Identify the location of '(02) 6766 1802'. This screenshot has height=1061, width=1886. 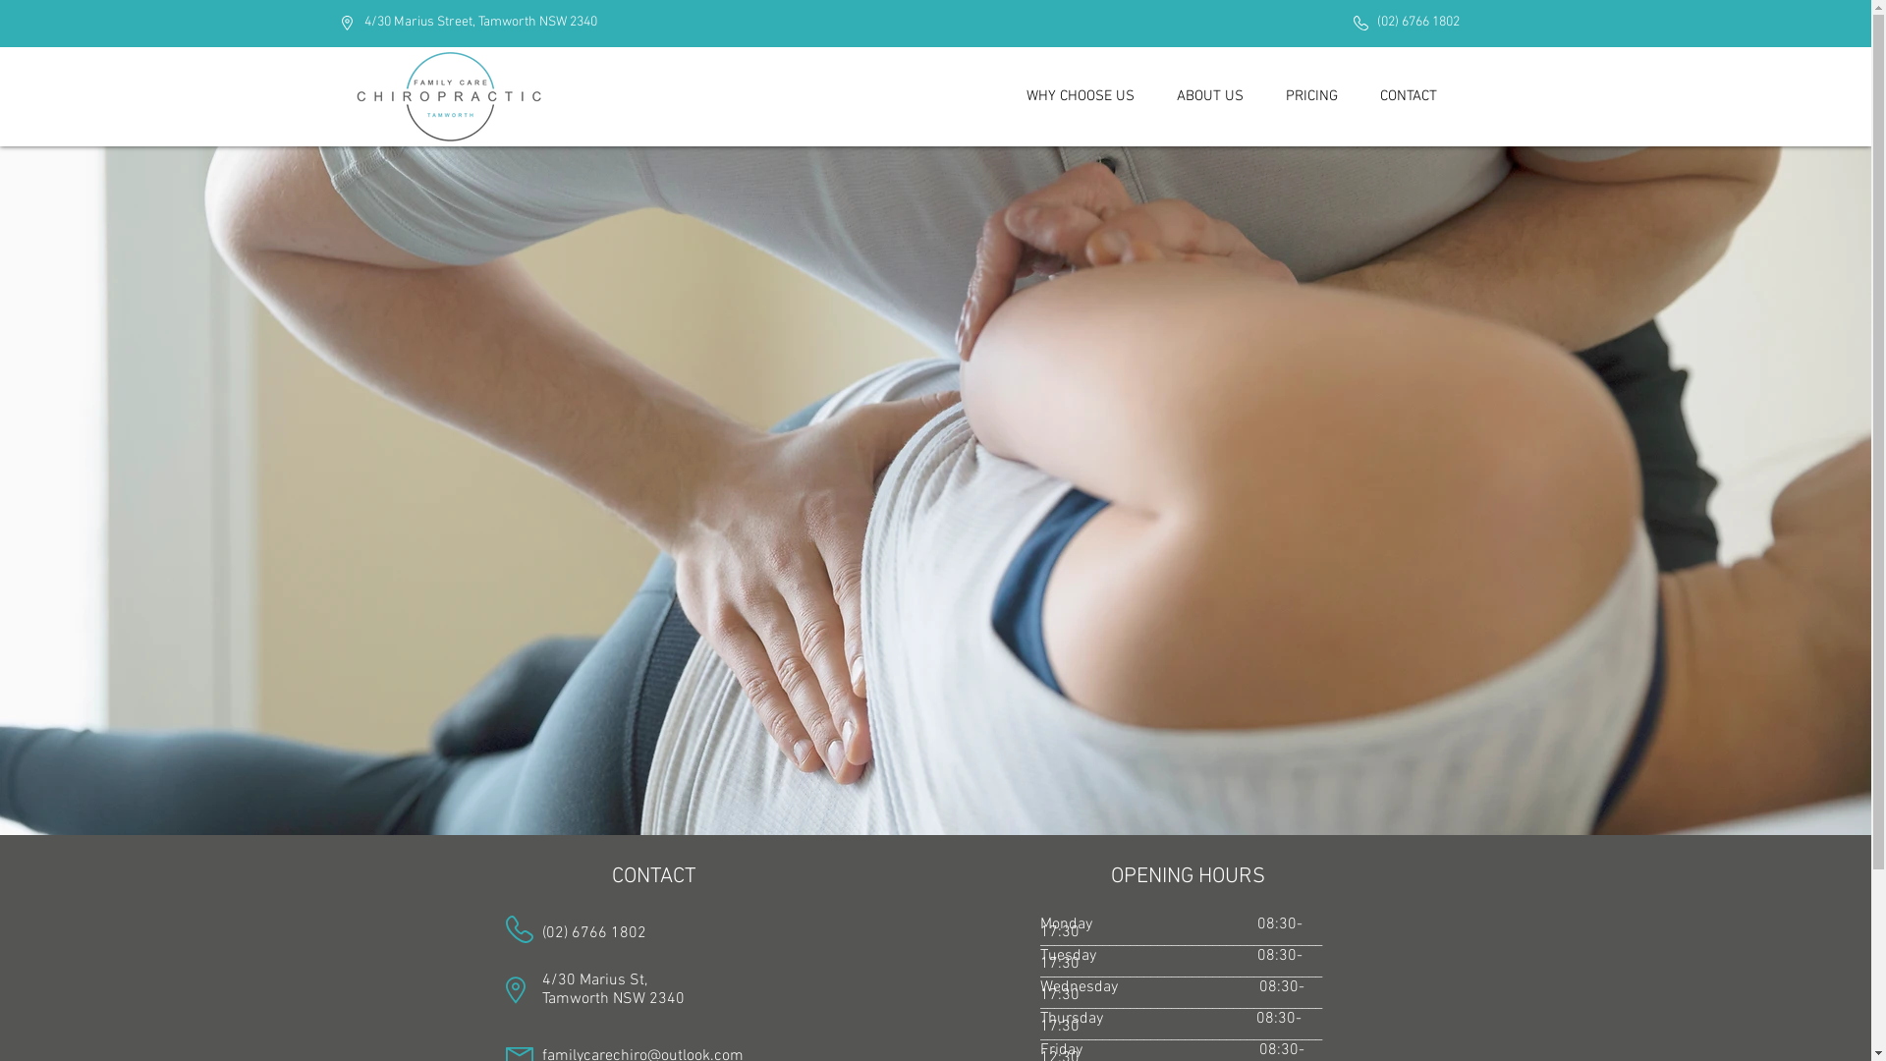
(592, 931).